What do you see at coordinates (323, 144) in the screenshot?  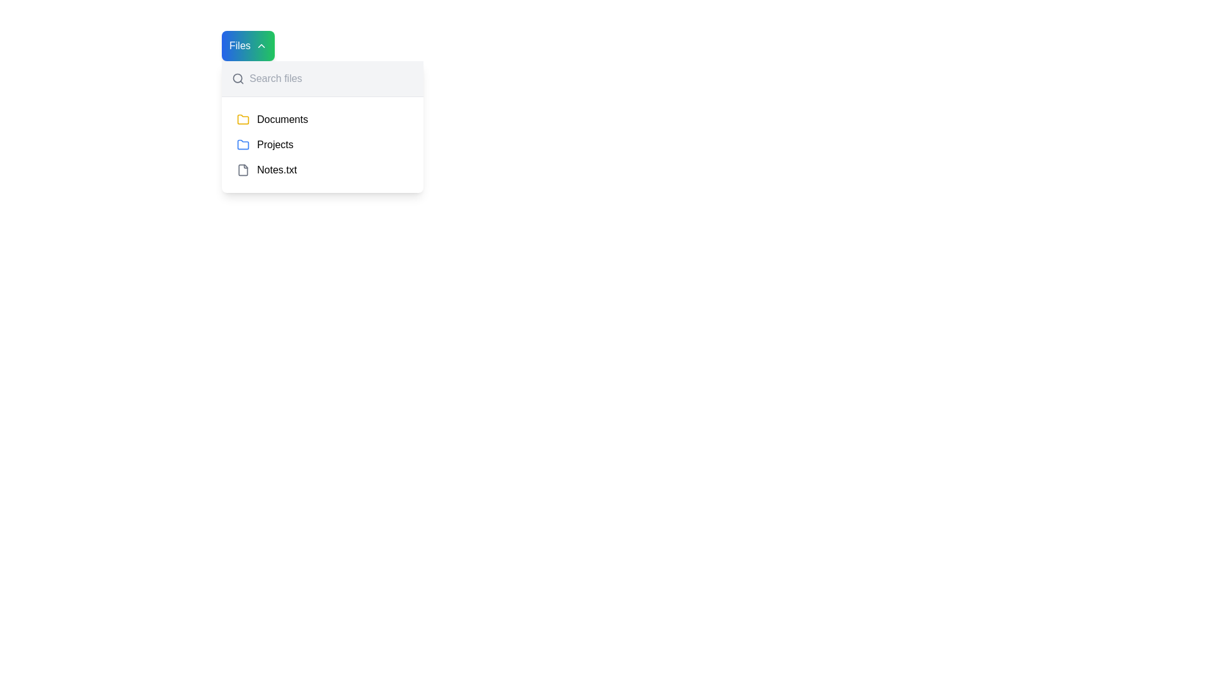 I see `the second list item in the menu labeled 'Projects'` at bounding box center [323, 144].